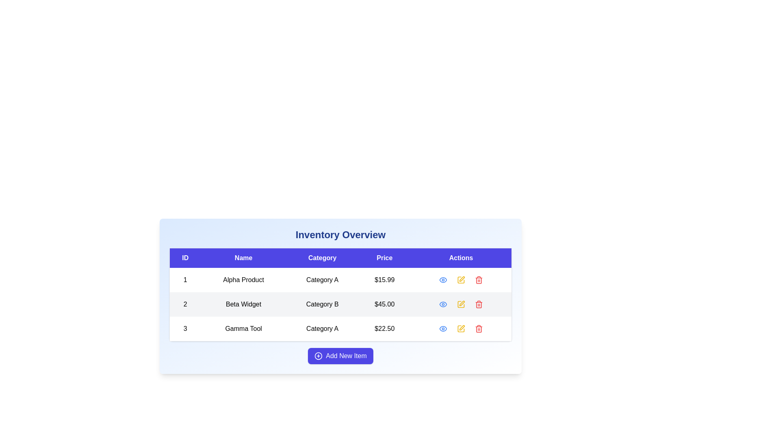 This screenshot has width=780, height=439. What do you see at coordinates (461, 328) in the screenshot?
I see `the 'Edit' button for the 'Gamma Tool' entry in the inventory table to initiate editing` at bounding box center [461, 328].